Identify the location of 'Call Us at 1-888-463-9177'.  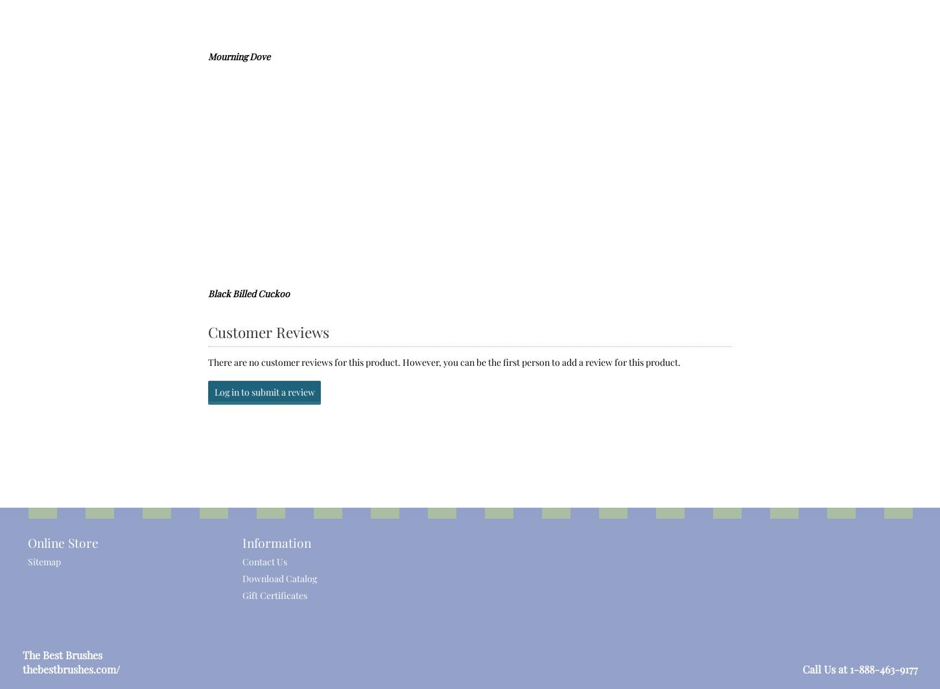
(860, 668).